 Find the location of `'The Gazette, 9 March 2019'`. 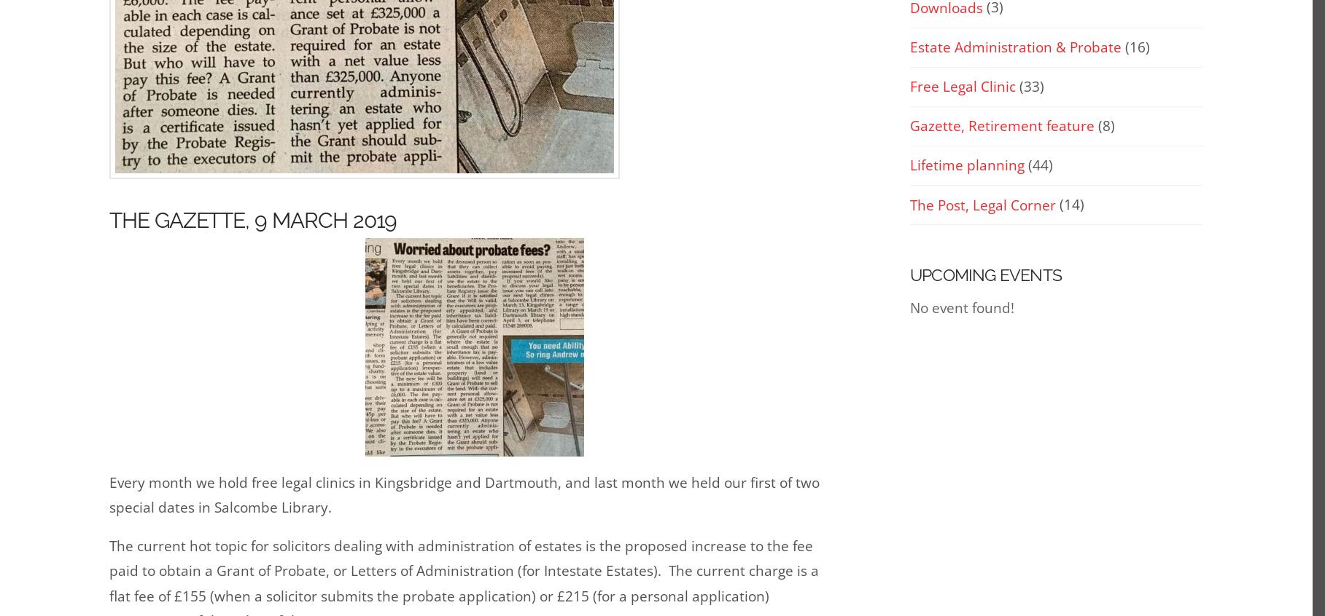

'The Gazette, 9 March 2019' is located at coordinates (252, 219).